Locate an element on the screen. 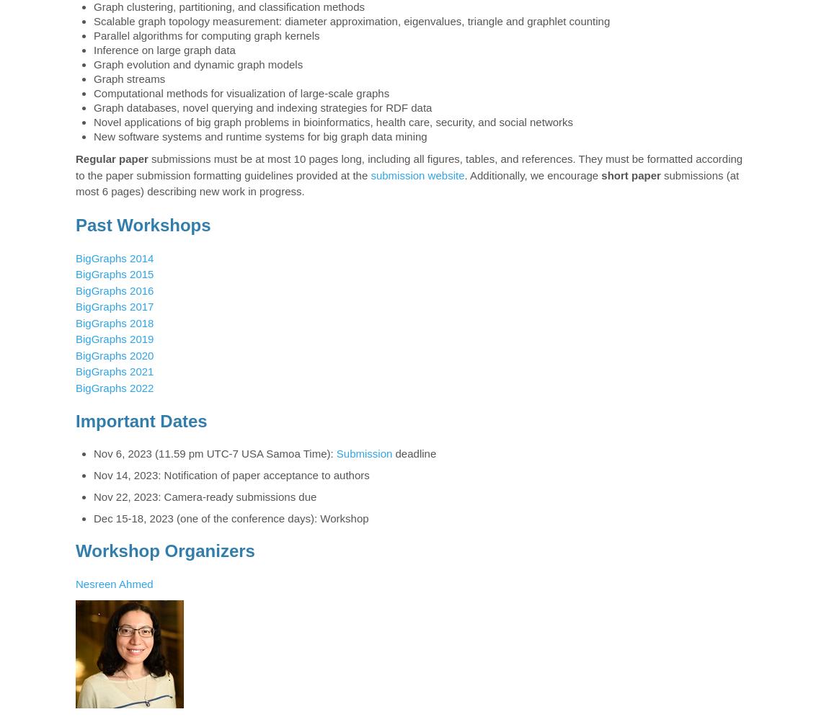  'Nov 22, 2023: Camera-ready submissions due' is located at coordinates (204, 496).